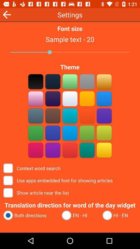 The width and height of the screenshot is (140, 249). I want to click on the radio button next to the en - hi icon, so click(30, 215).